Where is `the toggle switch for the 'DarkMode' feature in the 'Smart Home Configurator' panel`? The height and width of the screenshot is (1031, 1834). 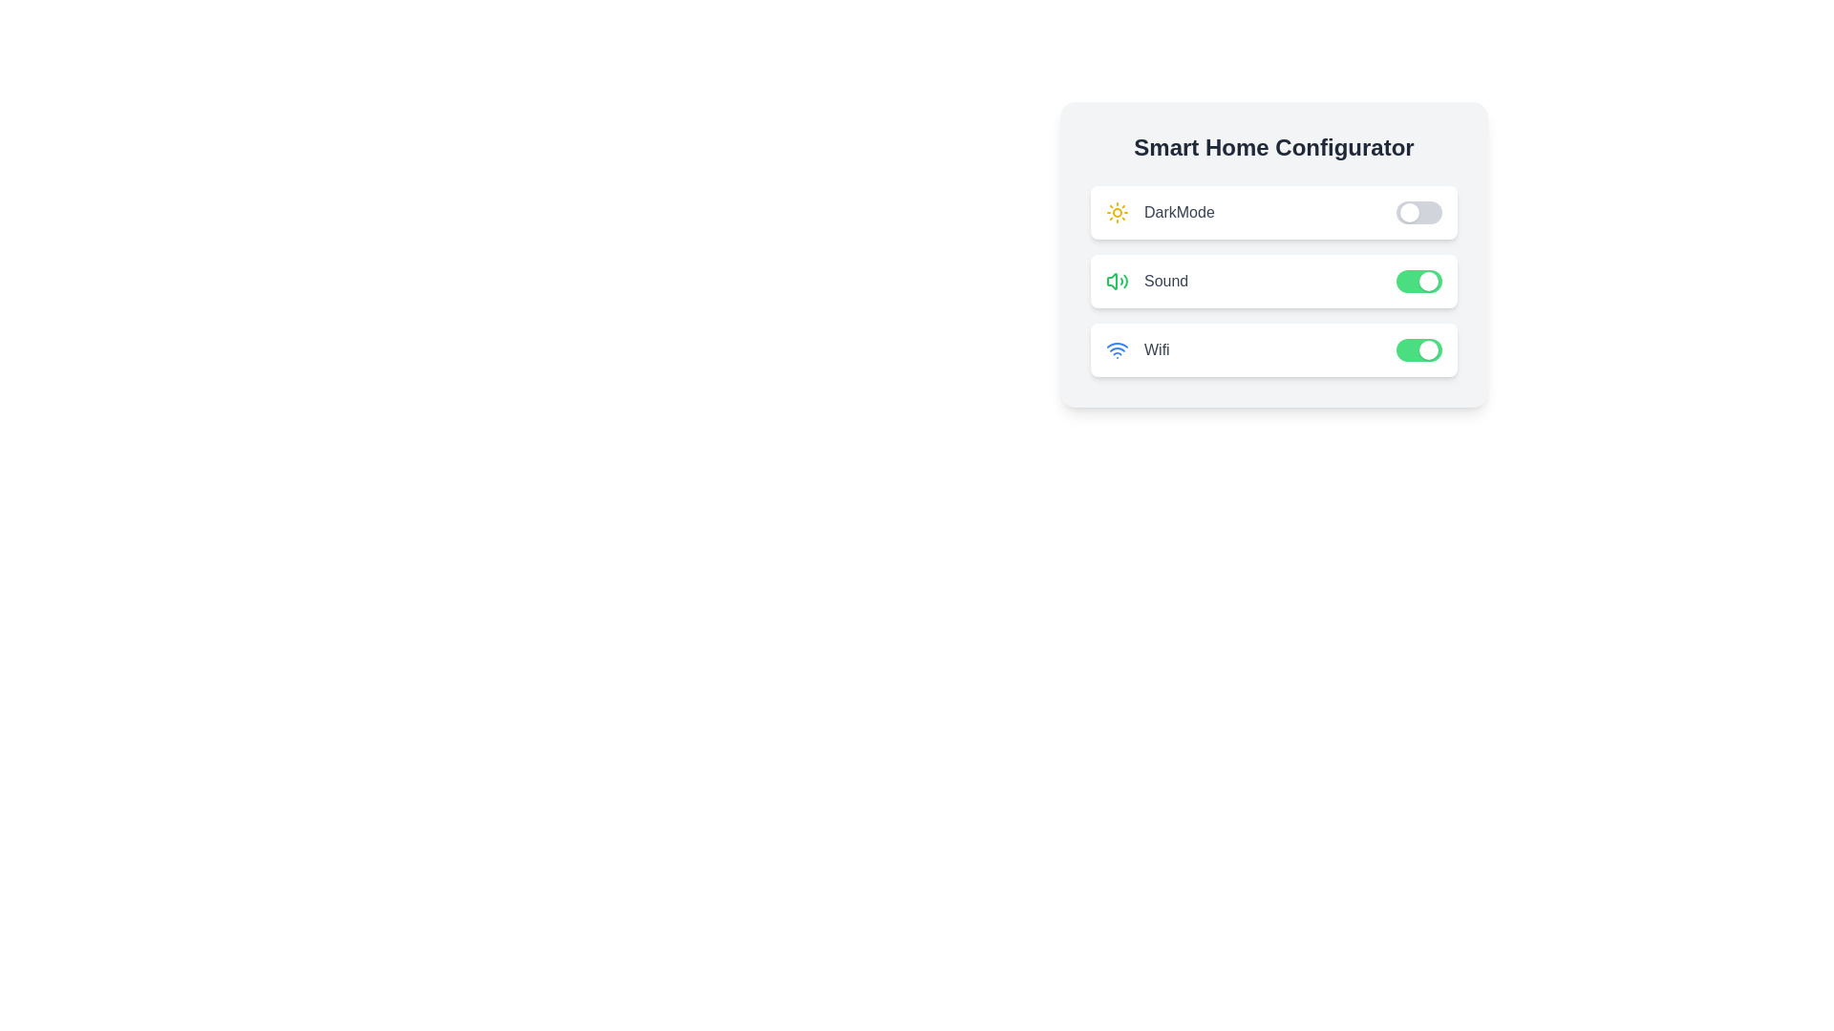 the toggle switch for the 'DarkMode' feature in the 'Smart Home Configurator' panel is located at coordinates (1419, 213).